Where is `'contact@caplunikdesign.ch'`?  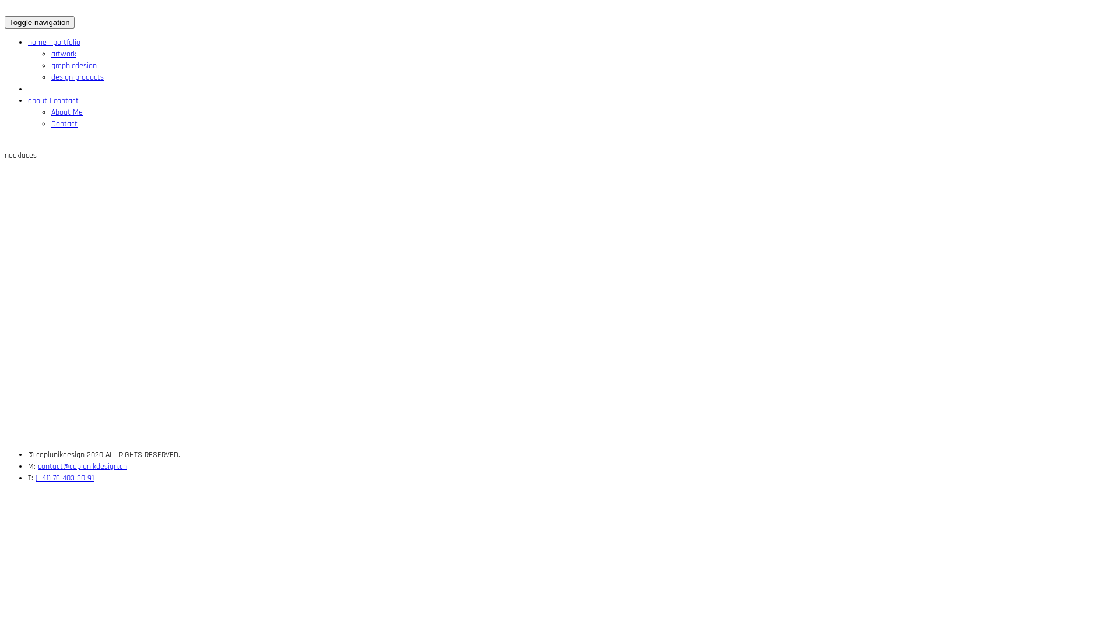
'contact@caplunikdesign.ch' is located at coordinates (82, 466).